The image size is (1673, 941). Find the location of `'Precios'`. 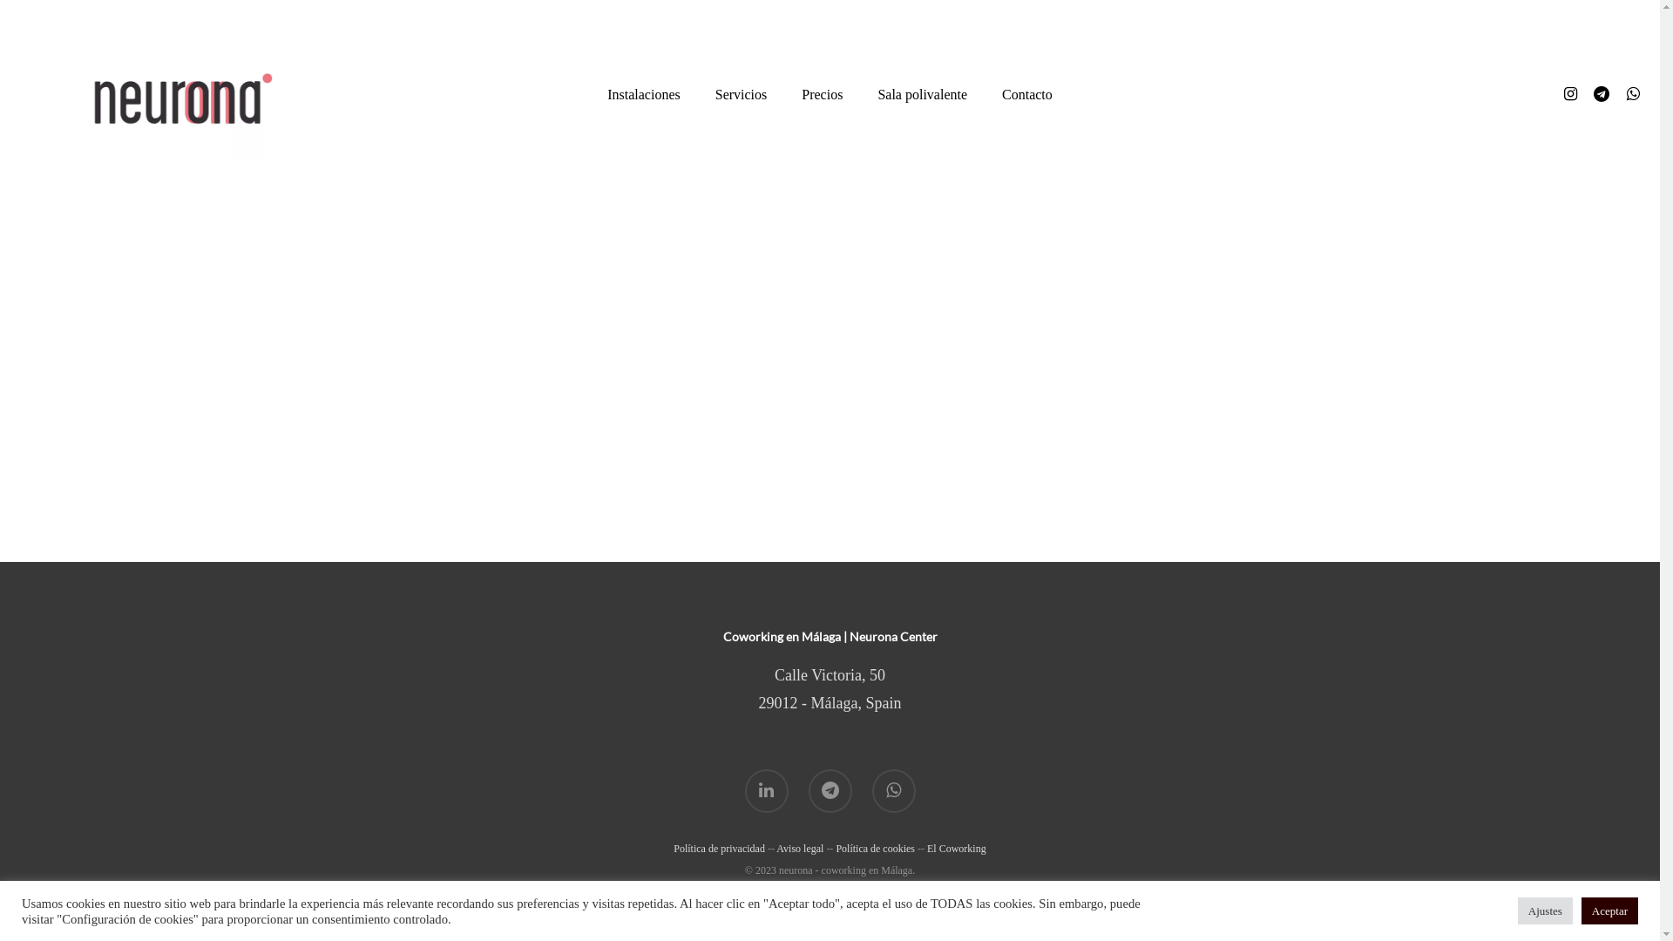

'Precios' is located at coordinates (821, 94).